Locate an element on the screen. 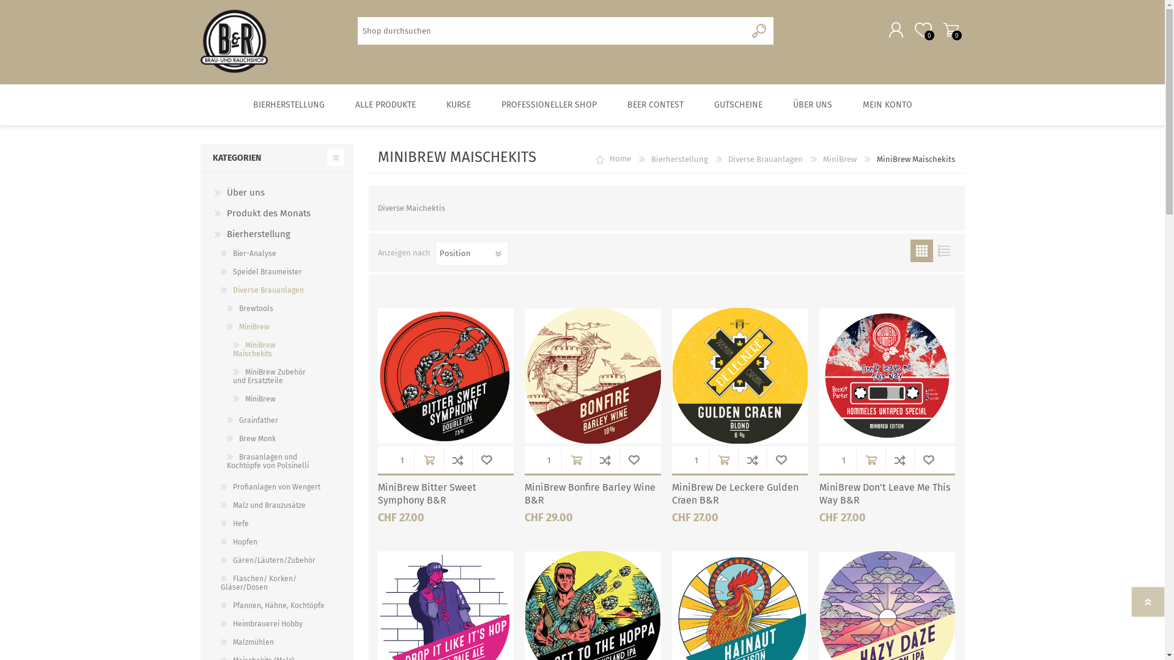 The image size is (1174, 660). 'MiniBrew De Leckere Gulden Craen B&R' is located at coordinates (739, 494).